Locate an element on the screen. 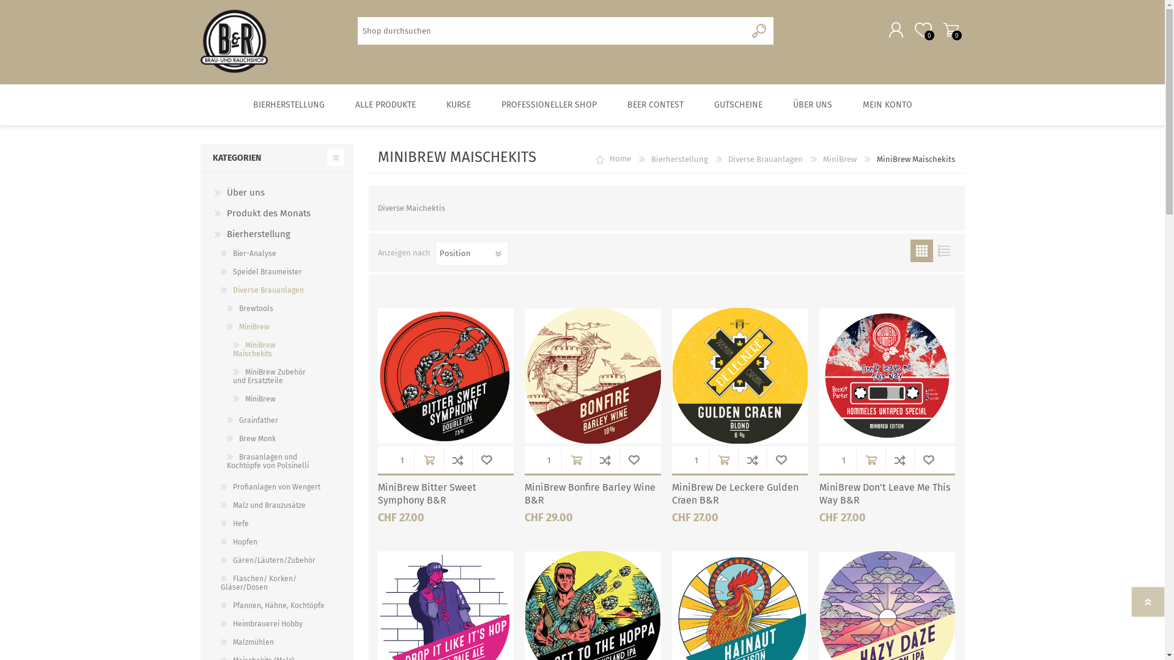 The image size is (1174, 660). 'MiniBrew De Leckere Gulden Craen B&R' is located at coordinates (739, 494).